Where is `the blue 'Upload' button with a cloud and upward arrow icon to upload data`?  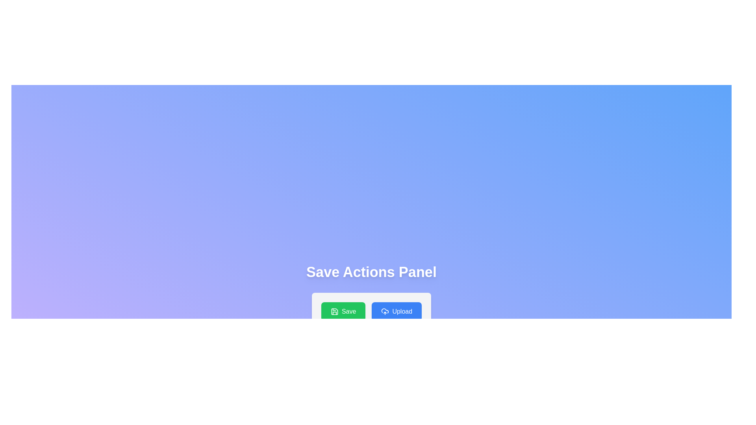
the blue 'Upload' button with a cloud and upward arrow icon to upload data is located at coordinates (397, 311).